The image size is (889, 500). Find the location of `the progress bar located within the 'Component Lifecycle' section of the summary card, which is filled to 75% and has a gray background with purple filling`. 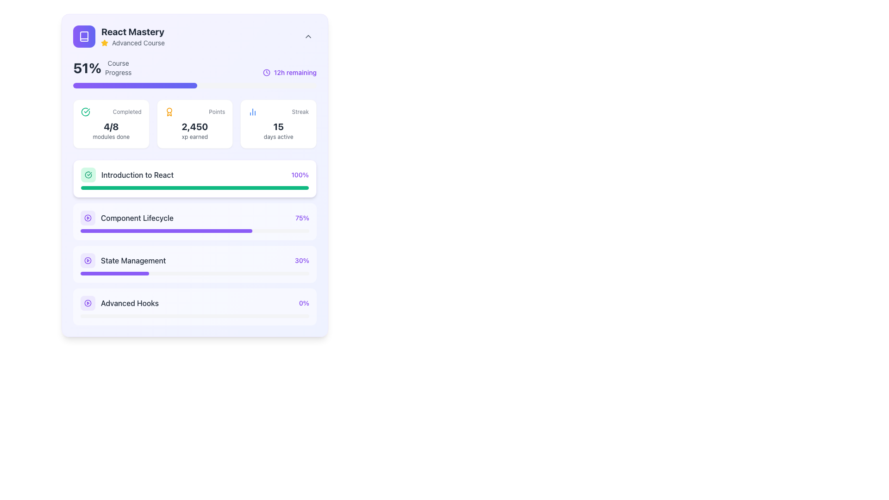

the progress bar located within the 'Component Lifecycle' section of the summary card, which is filled to 75% and has a gray background with purple filling is located at coordinates (194, 230).